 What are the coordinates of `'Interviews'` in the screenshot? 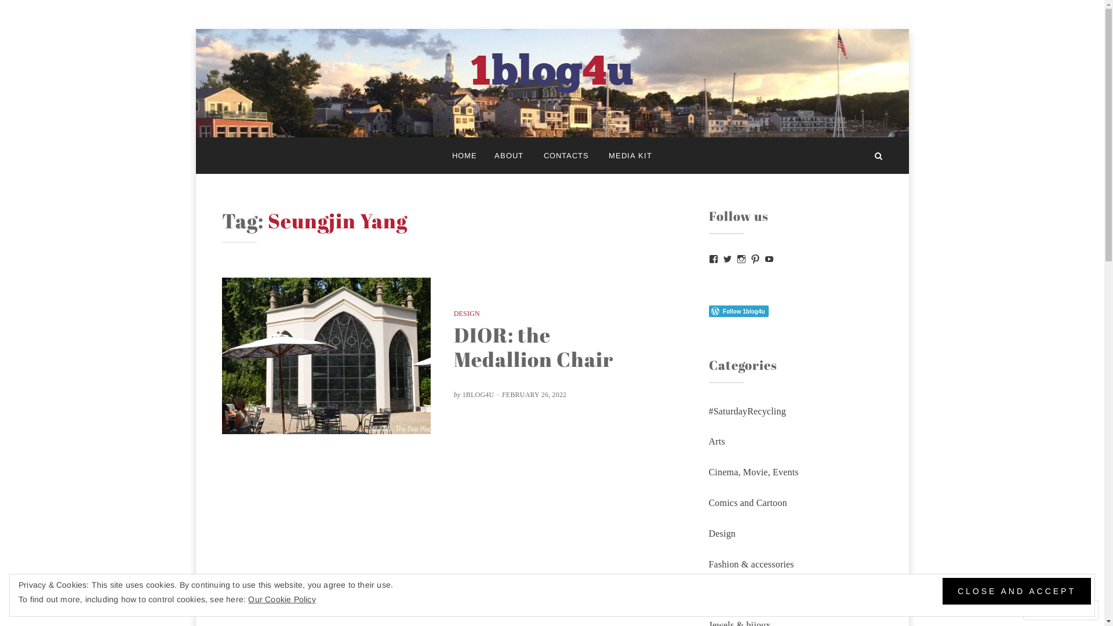 It's located at (728, 594).